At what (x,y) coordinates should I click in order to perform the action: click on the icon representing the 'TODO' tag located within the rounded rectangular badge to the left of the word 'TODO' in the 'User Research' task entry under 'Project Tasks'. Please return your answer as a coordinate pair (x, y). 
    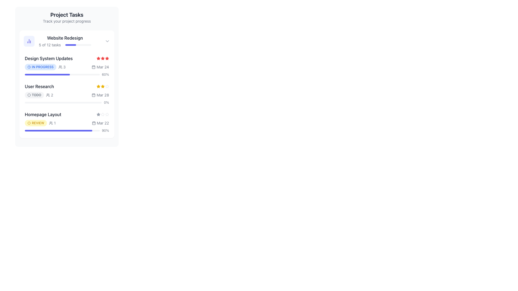
    Looking at the image, I should click on (29, 95).